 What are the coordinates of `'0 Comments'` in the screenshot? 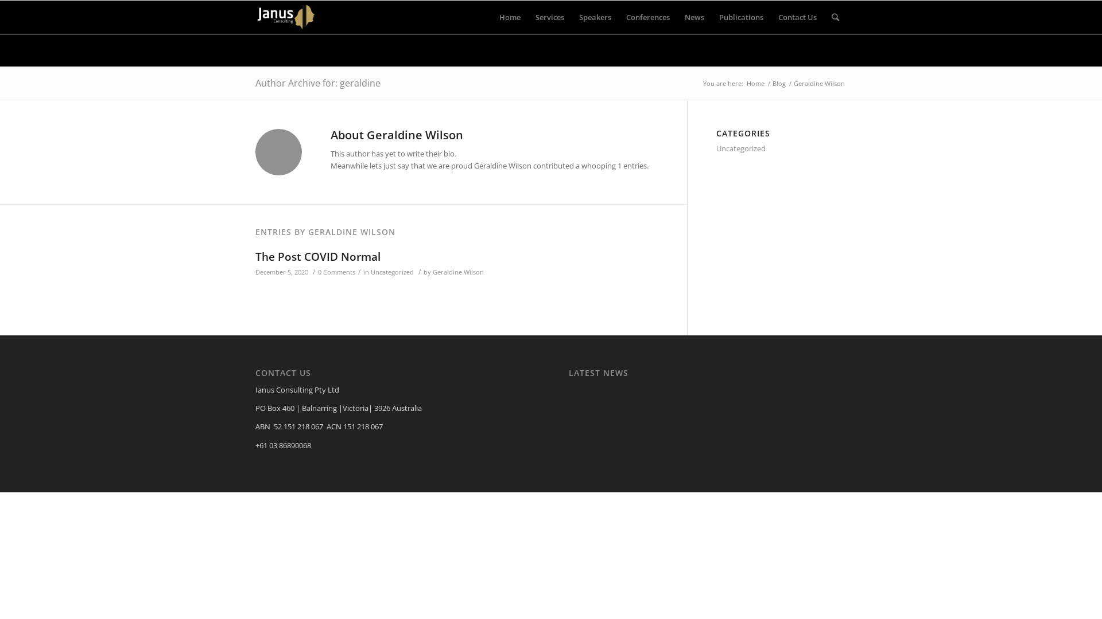 It's located at (317, 272).